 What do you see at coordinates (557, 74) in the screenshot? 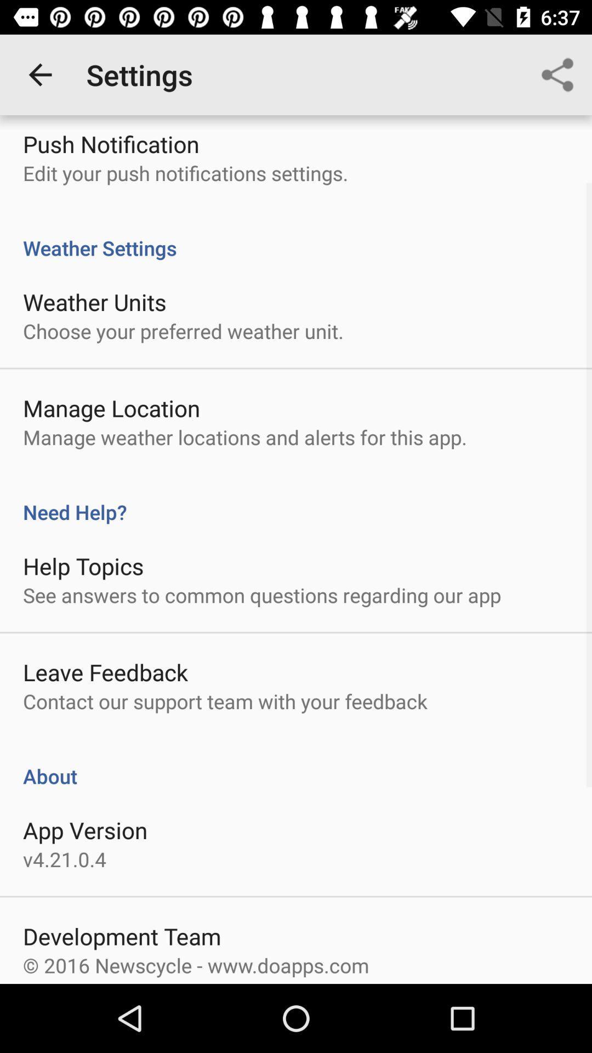
I see `item next to settings  app` at bounding box center [557, 74].